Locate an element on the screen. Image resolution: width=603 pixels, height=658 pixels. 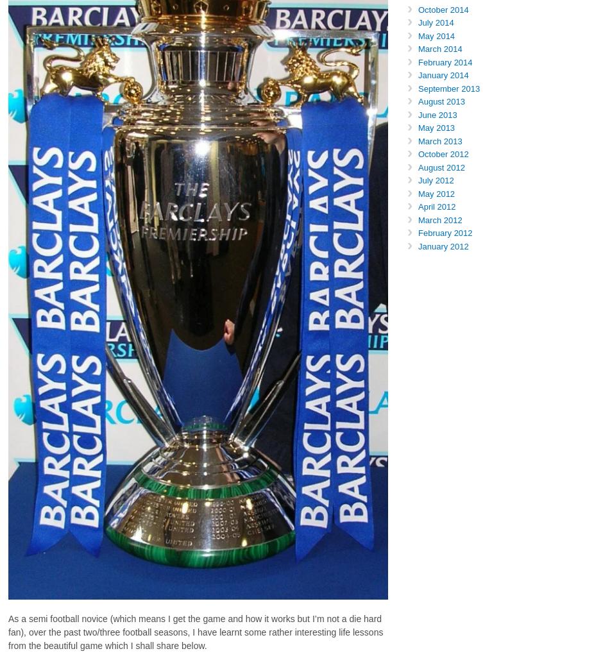
'July 2014' is located at coordinates (435, 22).